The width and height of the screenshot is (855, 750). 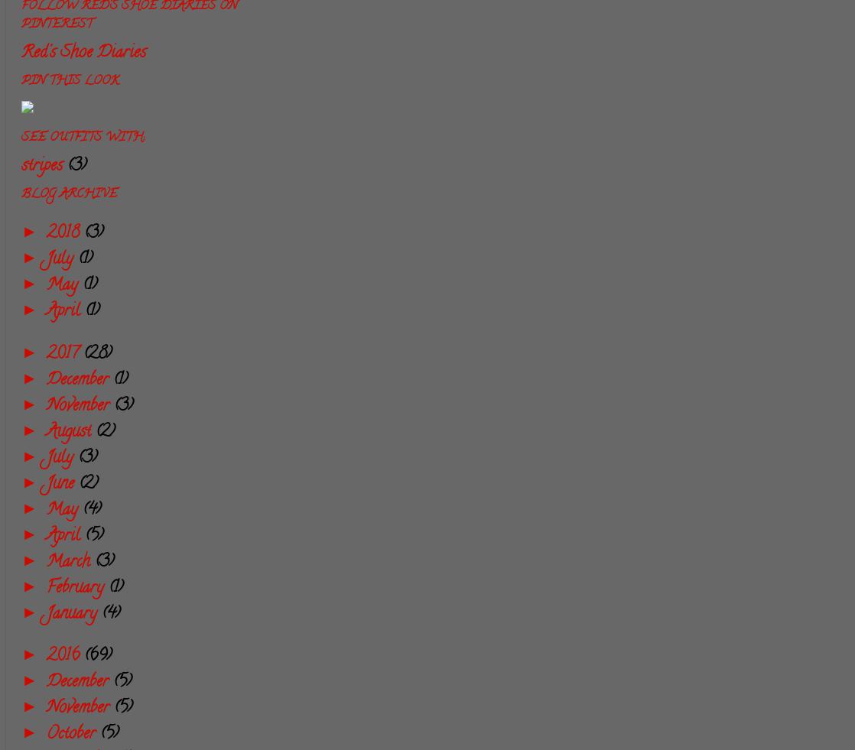 I want to click on '(28)', so click(x=97, y=353).